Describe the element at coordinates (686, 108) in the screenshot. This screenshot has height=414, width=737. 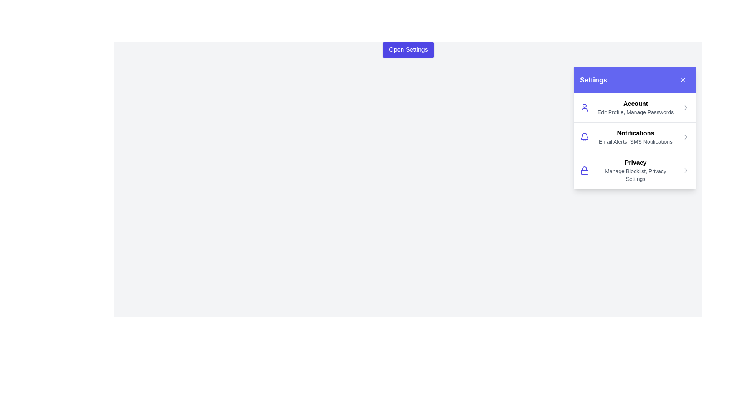
I see `the icon positioned at the far right of the 'Account' list item` at that location.